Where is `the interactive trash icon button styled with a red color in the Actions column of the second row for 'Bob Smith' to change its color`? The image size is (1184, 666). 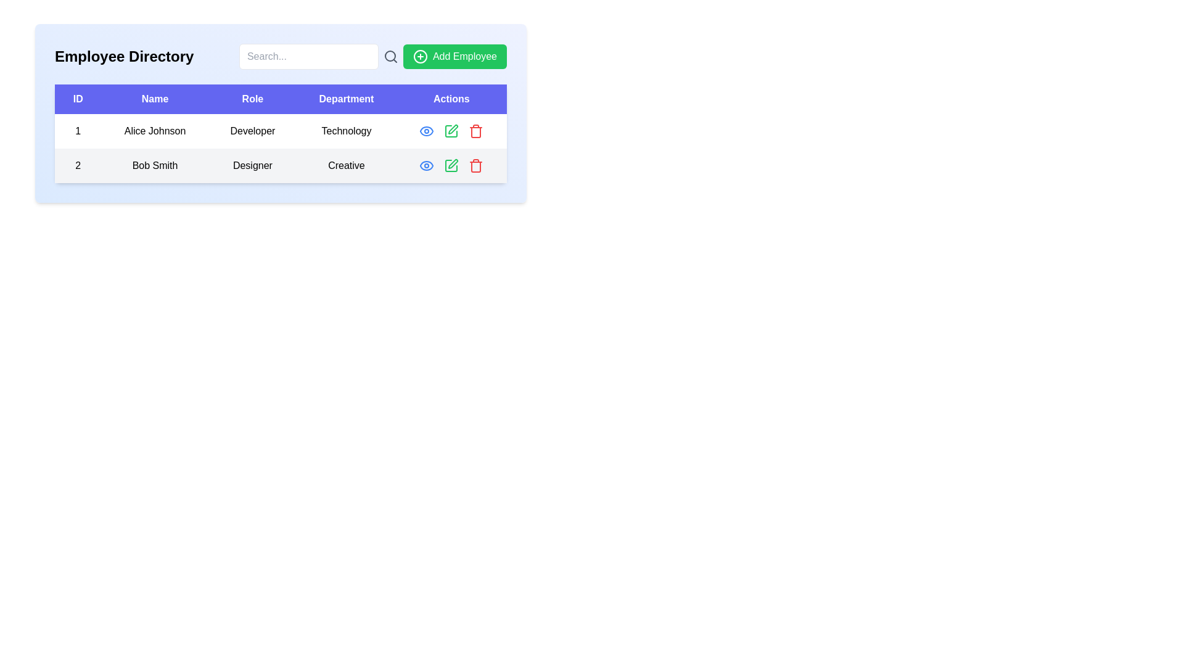 the interactive trash icon button styled with a red color in the Actions column of the second row for 'Bob Smith' to change its color is located at coordinates (475, 131).